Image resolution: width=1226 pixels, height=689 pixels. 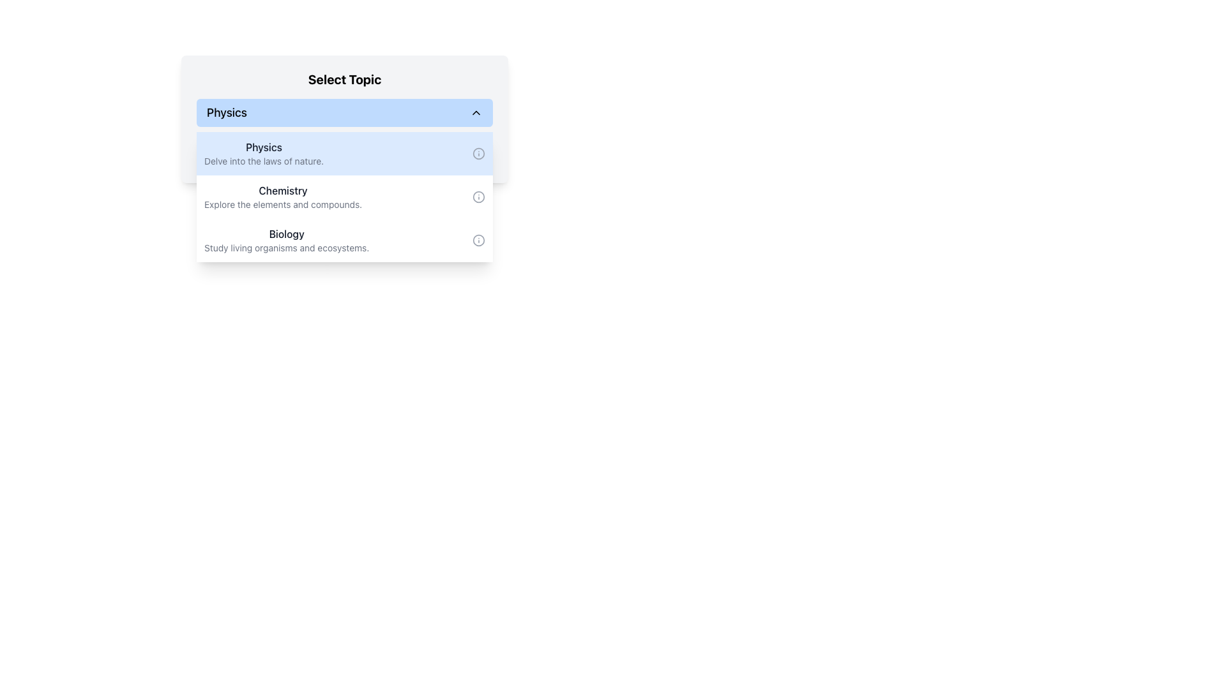 I want to click on the triangular downward-facing chevron icon located at the far right of the light blue button labeled 'Physics', so click(x=475, y=112).